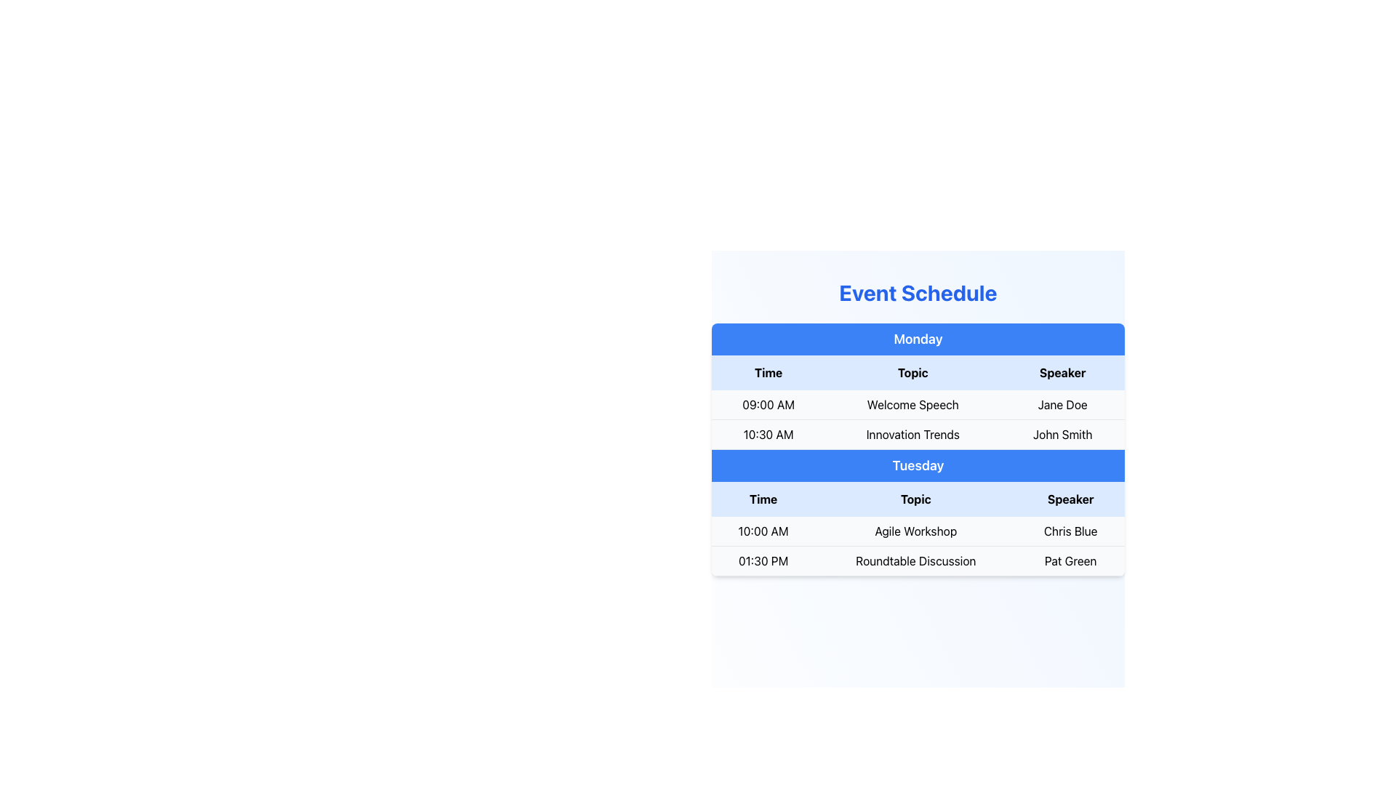 The image size is (1396, 785). Describe the element at coordinates (1070, 531) in the screenshot. I see `text displayed in the Text Label that shows 'Chris Blue', located in the last column labeled 'Speaker' of the Tuesday row for 'Agile Workshop'` at that location.